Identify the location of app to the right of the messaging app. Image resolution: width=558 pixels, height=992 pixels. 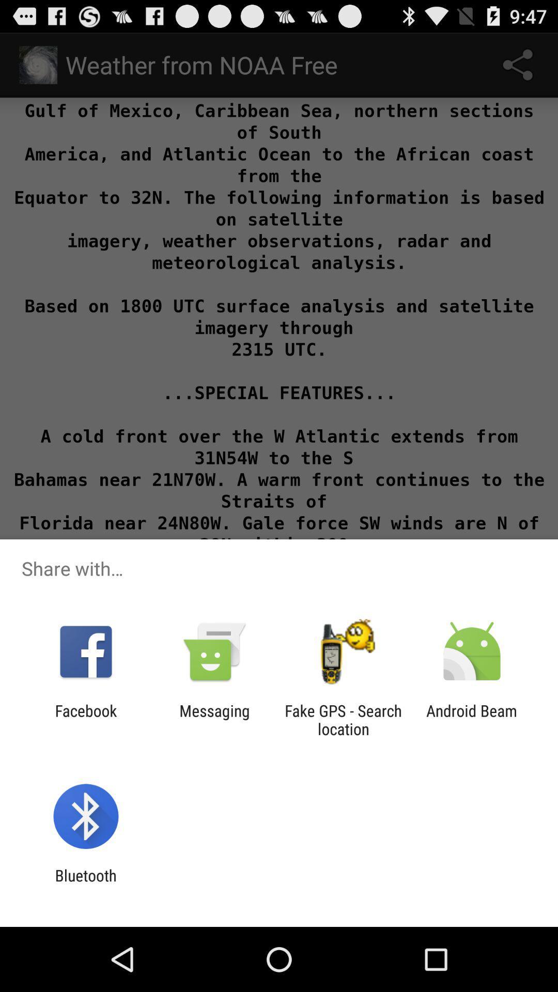
(343, 719).